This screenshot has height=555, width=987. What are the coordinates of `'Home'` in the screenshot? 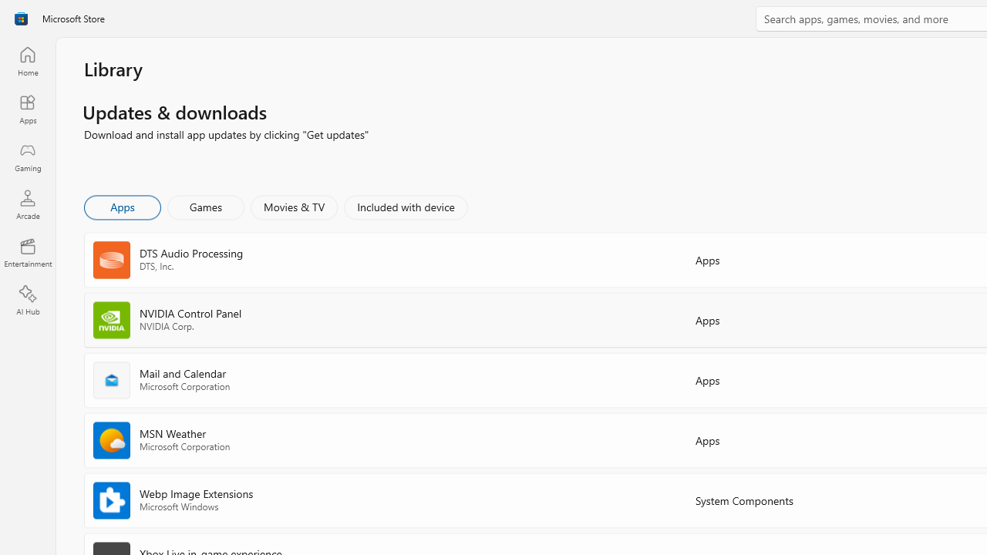 It's located at (27, 60).